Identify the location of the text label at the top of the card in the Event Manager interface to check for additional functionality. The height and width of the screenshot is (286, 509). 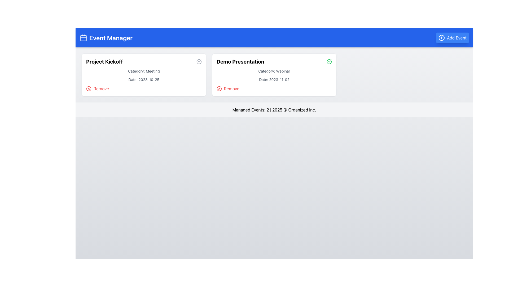
(240, 61).